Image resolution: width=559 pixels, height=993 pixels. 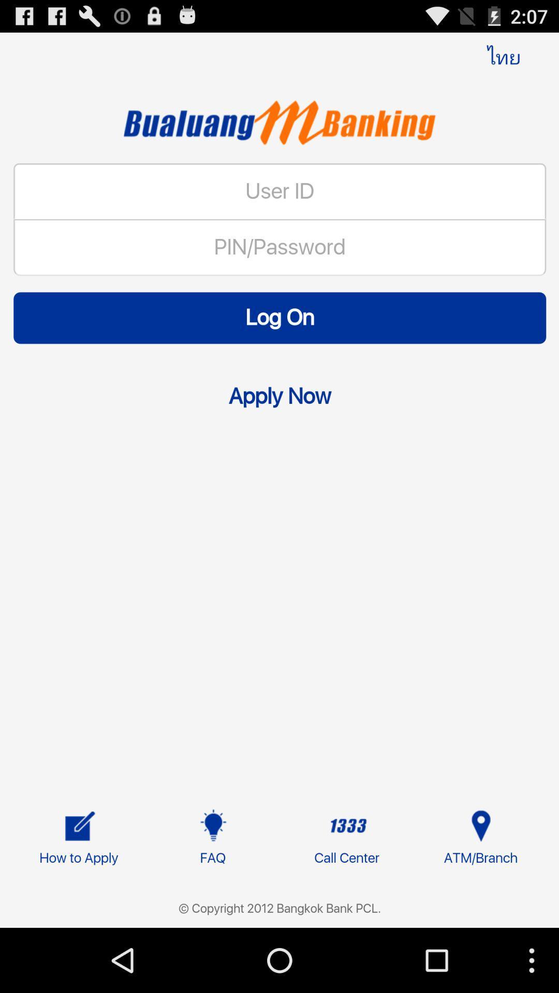 I want to click on setup banking page, so click(x=279, y=505).